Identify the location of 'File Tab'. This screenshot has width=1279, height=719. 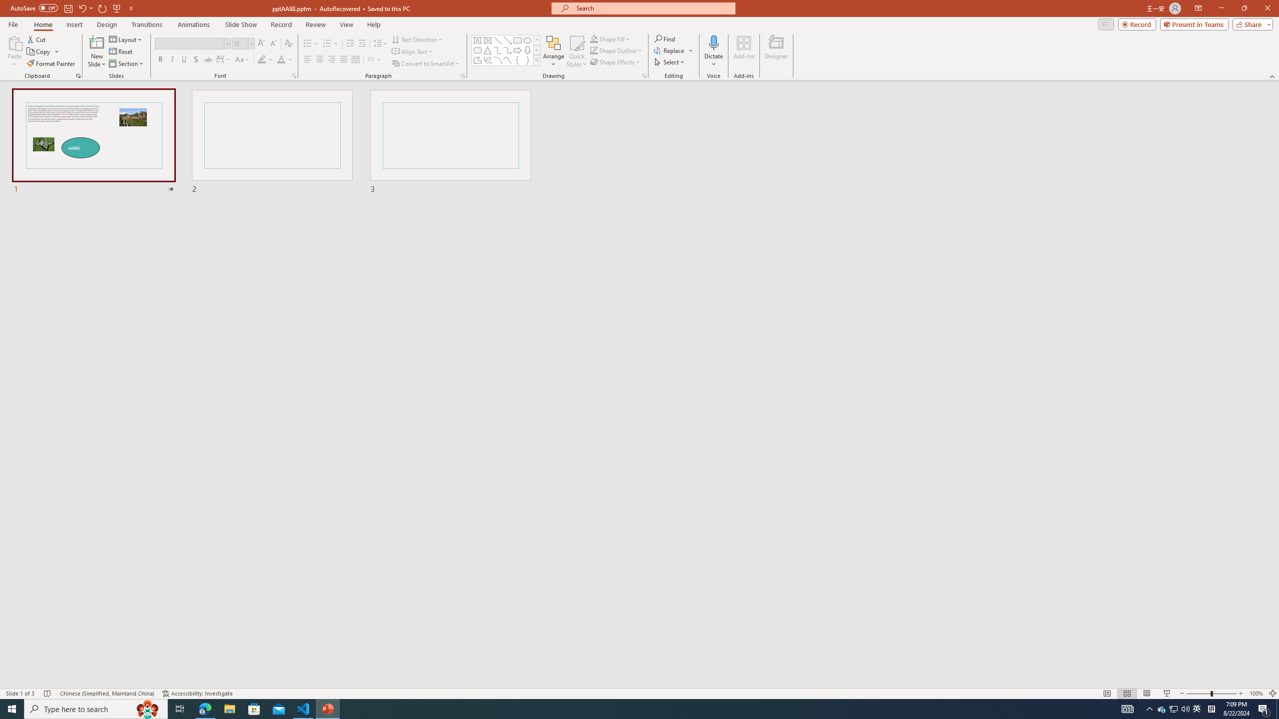
(12, 23).